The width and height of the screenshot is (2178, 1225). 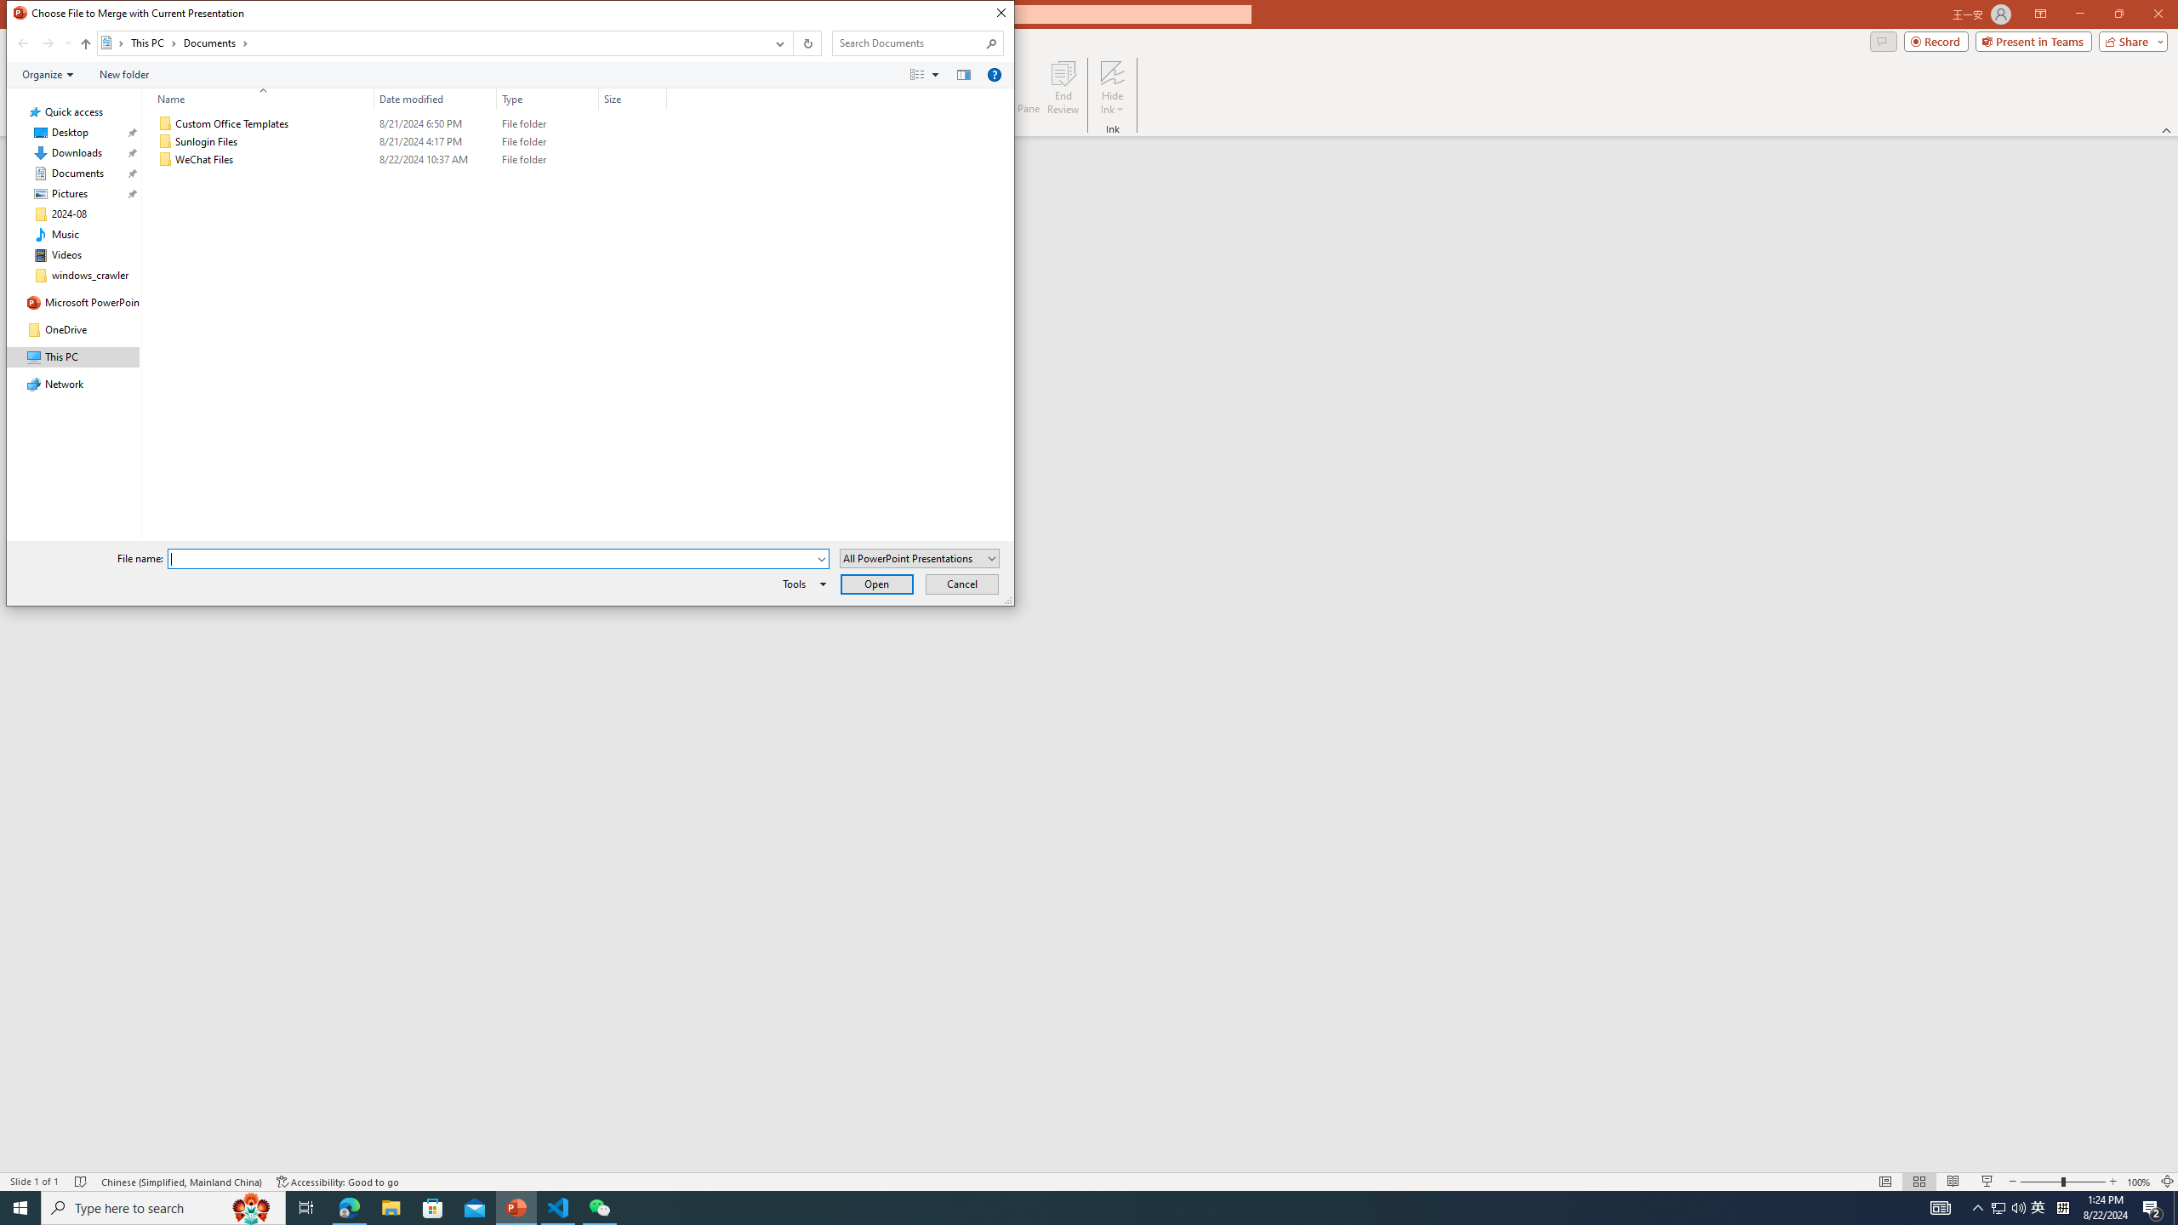 I want to click on 'Up to "This PC" (Alt + Up Arrow)', so click(x=86, y=43).